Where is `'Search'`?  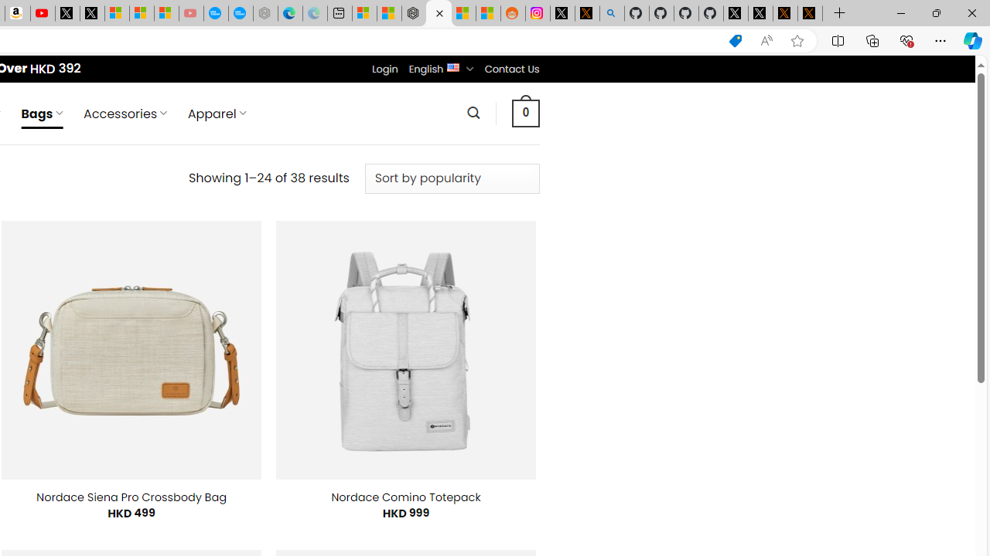
'Search' is located at coordinates (473, 112).